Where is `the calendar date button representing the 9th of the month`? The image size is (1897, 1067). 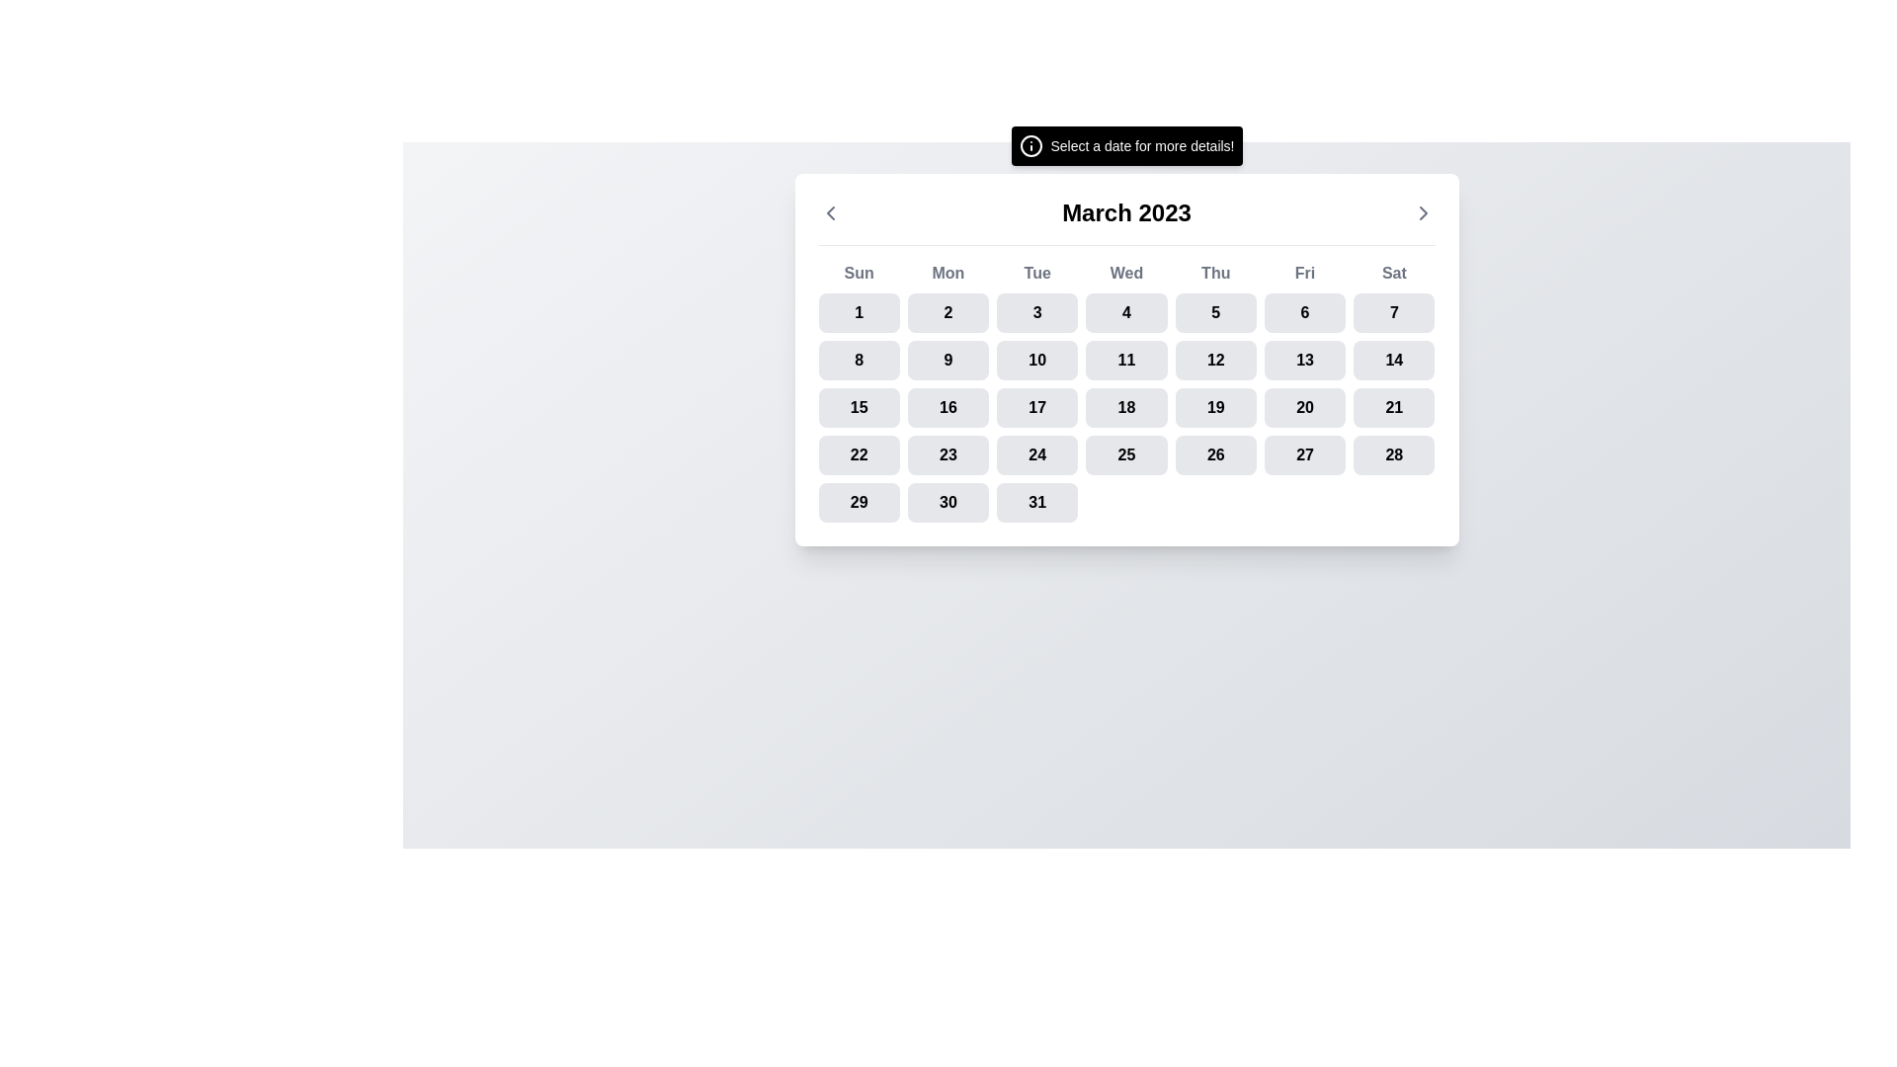
the calendar date button representing the 9th of the month is located at coordinates (948, 361).